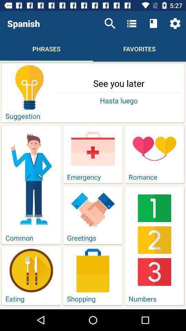 Image resolution: width=186 pixels, height=331 pixels. Describe the element at coordinates (175, 23) in the screenshot. I see `icon above the see you later icon` at that location.